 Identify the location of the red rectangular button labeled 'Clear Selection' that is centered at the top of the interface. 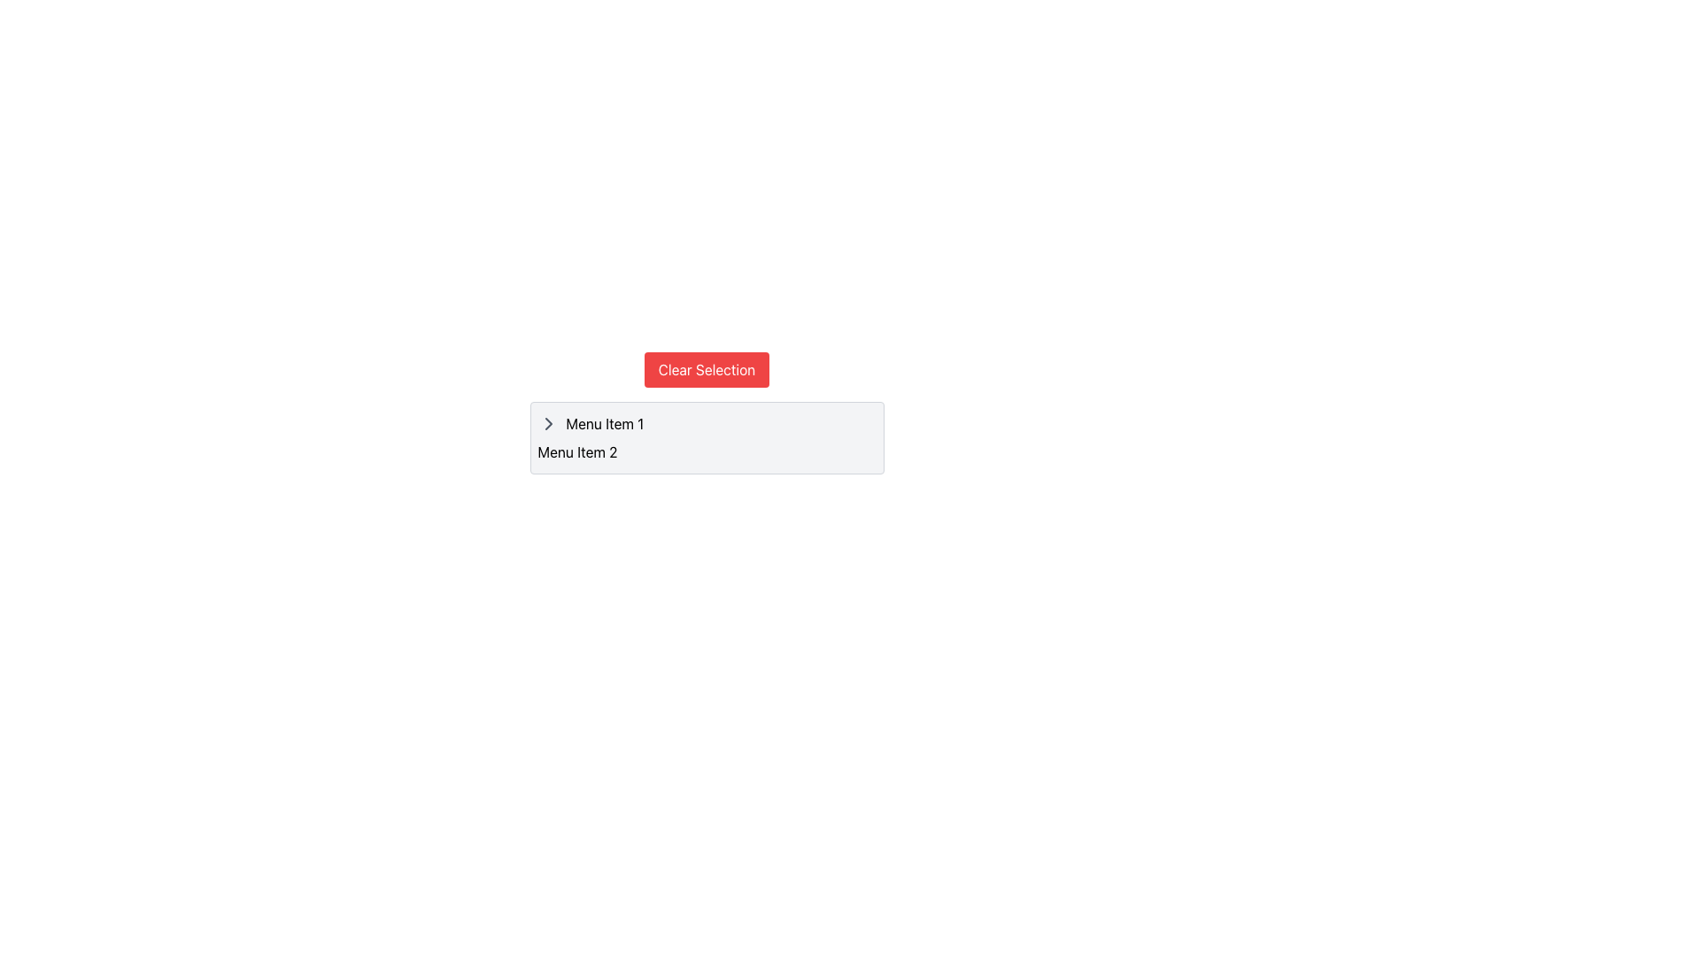
(706, 368).